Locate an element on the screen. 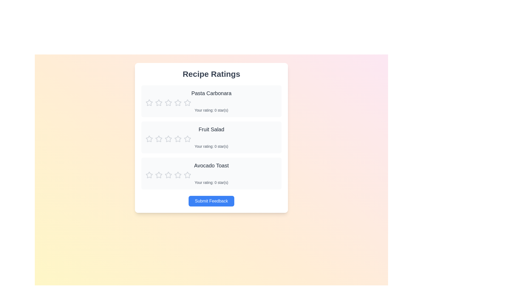 The image size is (510, 287). over the star icons in the Rating widget for 'Fruit Salad' is located at coordinates (211, 139).